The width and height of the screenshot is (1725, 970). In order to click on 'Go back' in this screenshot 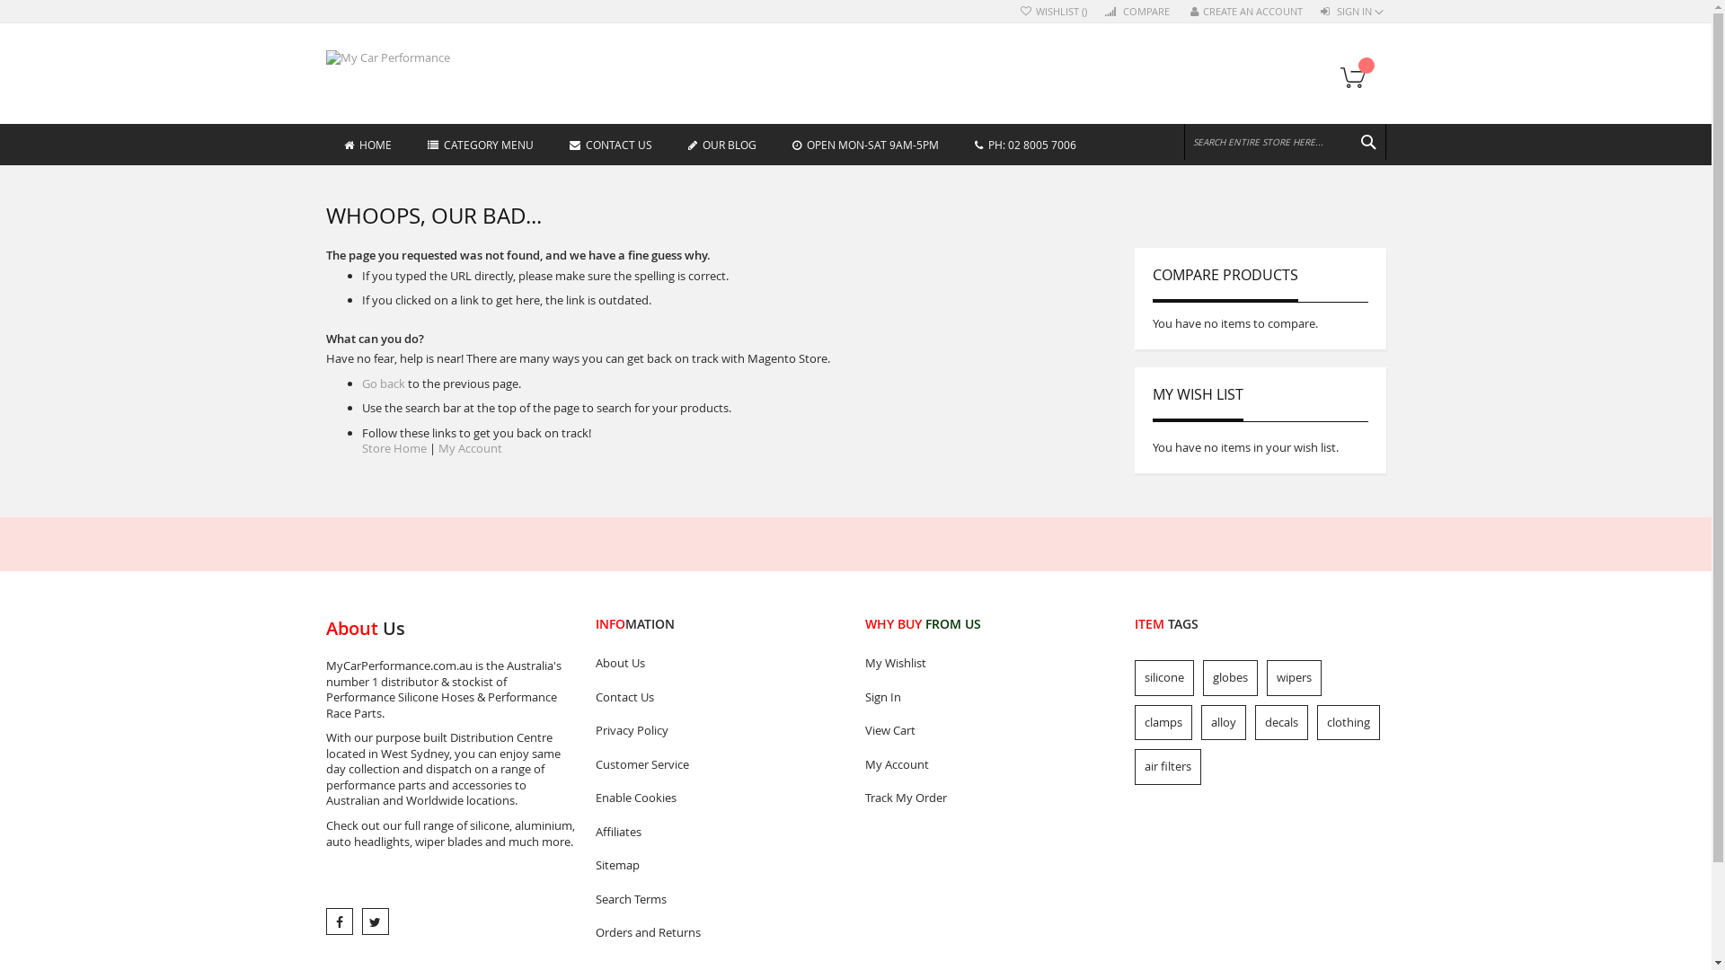, I will do `click(382, 383)`.